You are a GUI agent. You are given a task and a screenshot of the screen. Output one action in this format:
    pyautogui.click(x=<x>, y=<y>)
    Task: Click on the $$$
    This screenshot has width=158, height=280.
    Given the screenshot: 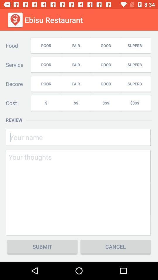 What is the action you would take?
    pyautogui.click(x=105, y=103)
    